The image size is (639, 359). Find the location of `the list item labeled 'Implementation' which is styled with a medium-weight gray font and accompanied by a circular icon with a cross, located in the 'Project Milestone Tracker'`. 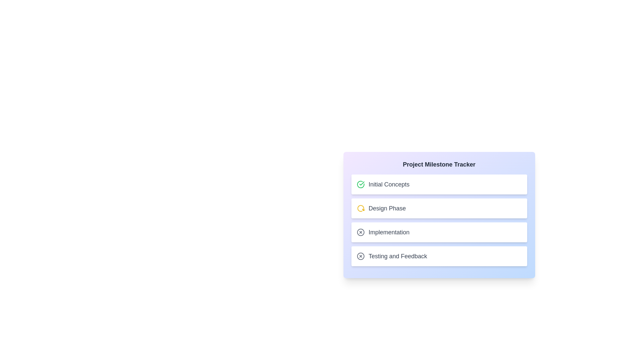

the list item labeled 'Implementation' which is styled with a medium-weight gray font and accompanied by a circular icon with a cross, located in the 'Project Milestone Tracker' is located at coordinates (383, 232).